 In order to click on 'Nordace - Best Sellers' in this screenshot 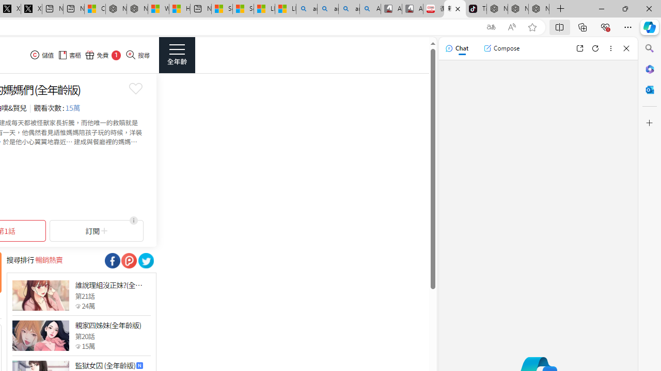, I will do `click(497, 9)`.